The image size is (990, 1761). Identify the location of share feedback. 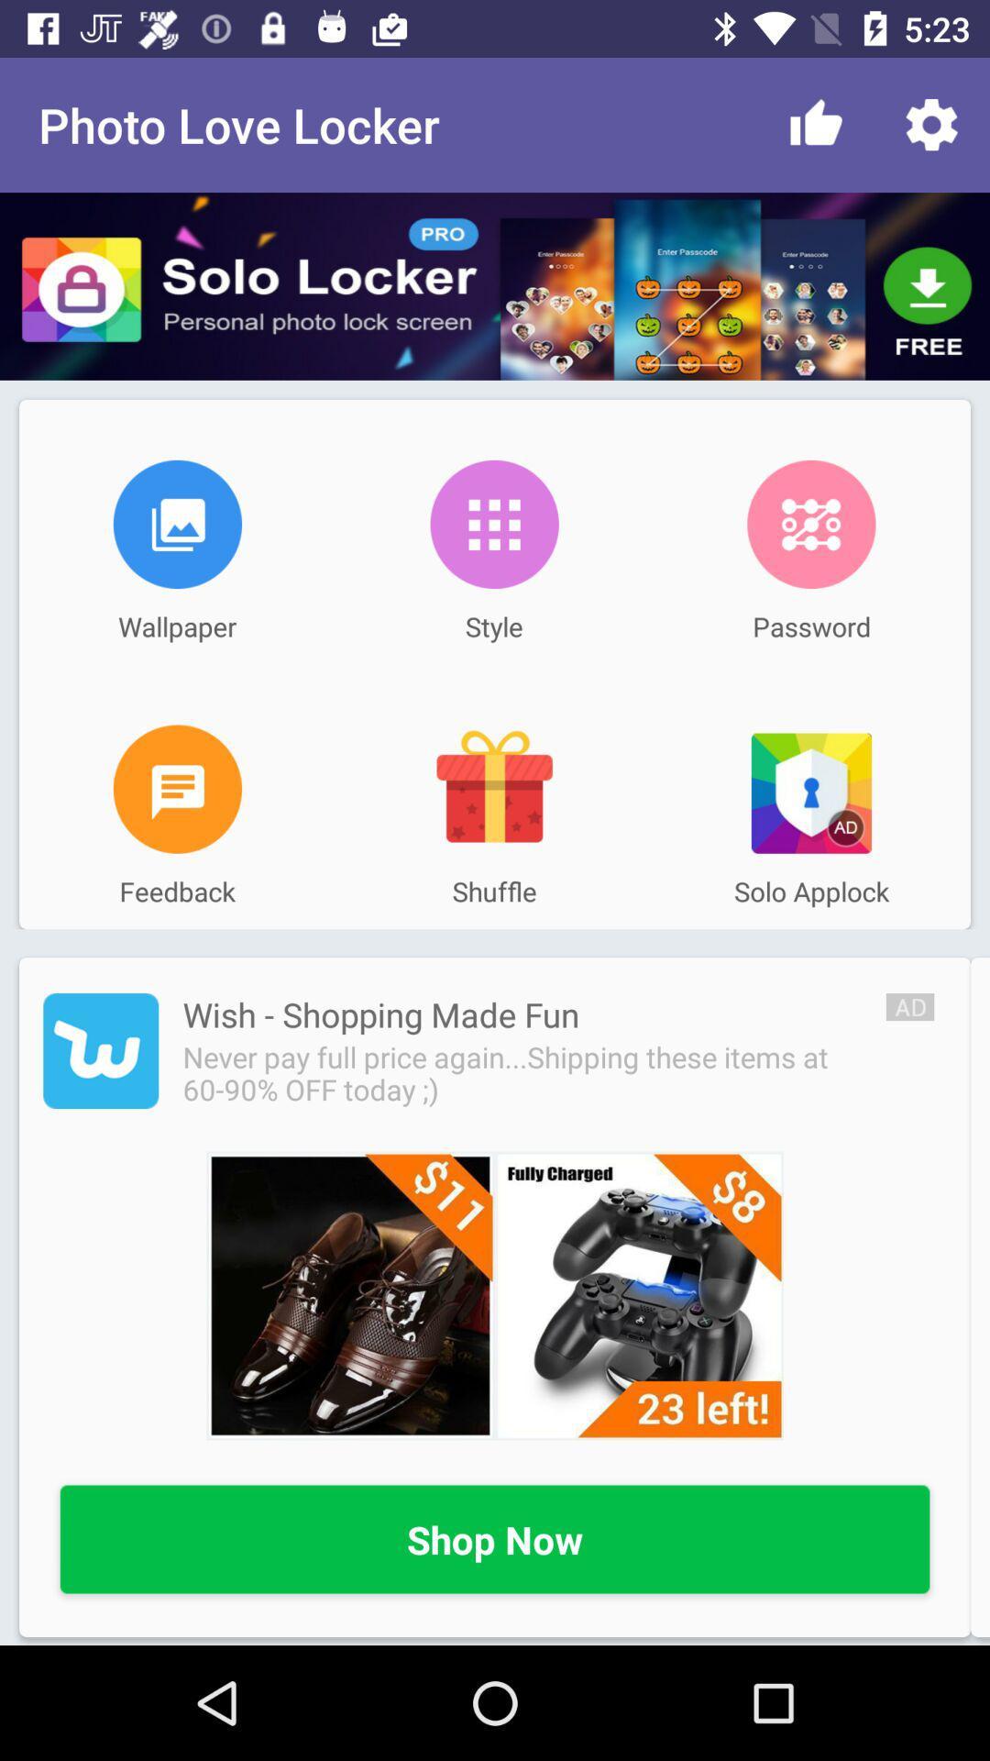
(177, 789).